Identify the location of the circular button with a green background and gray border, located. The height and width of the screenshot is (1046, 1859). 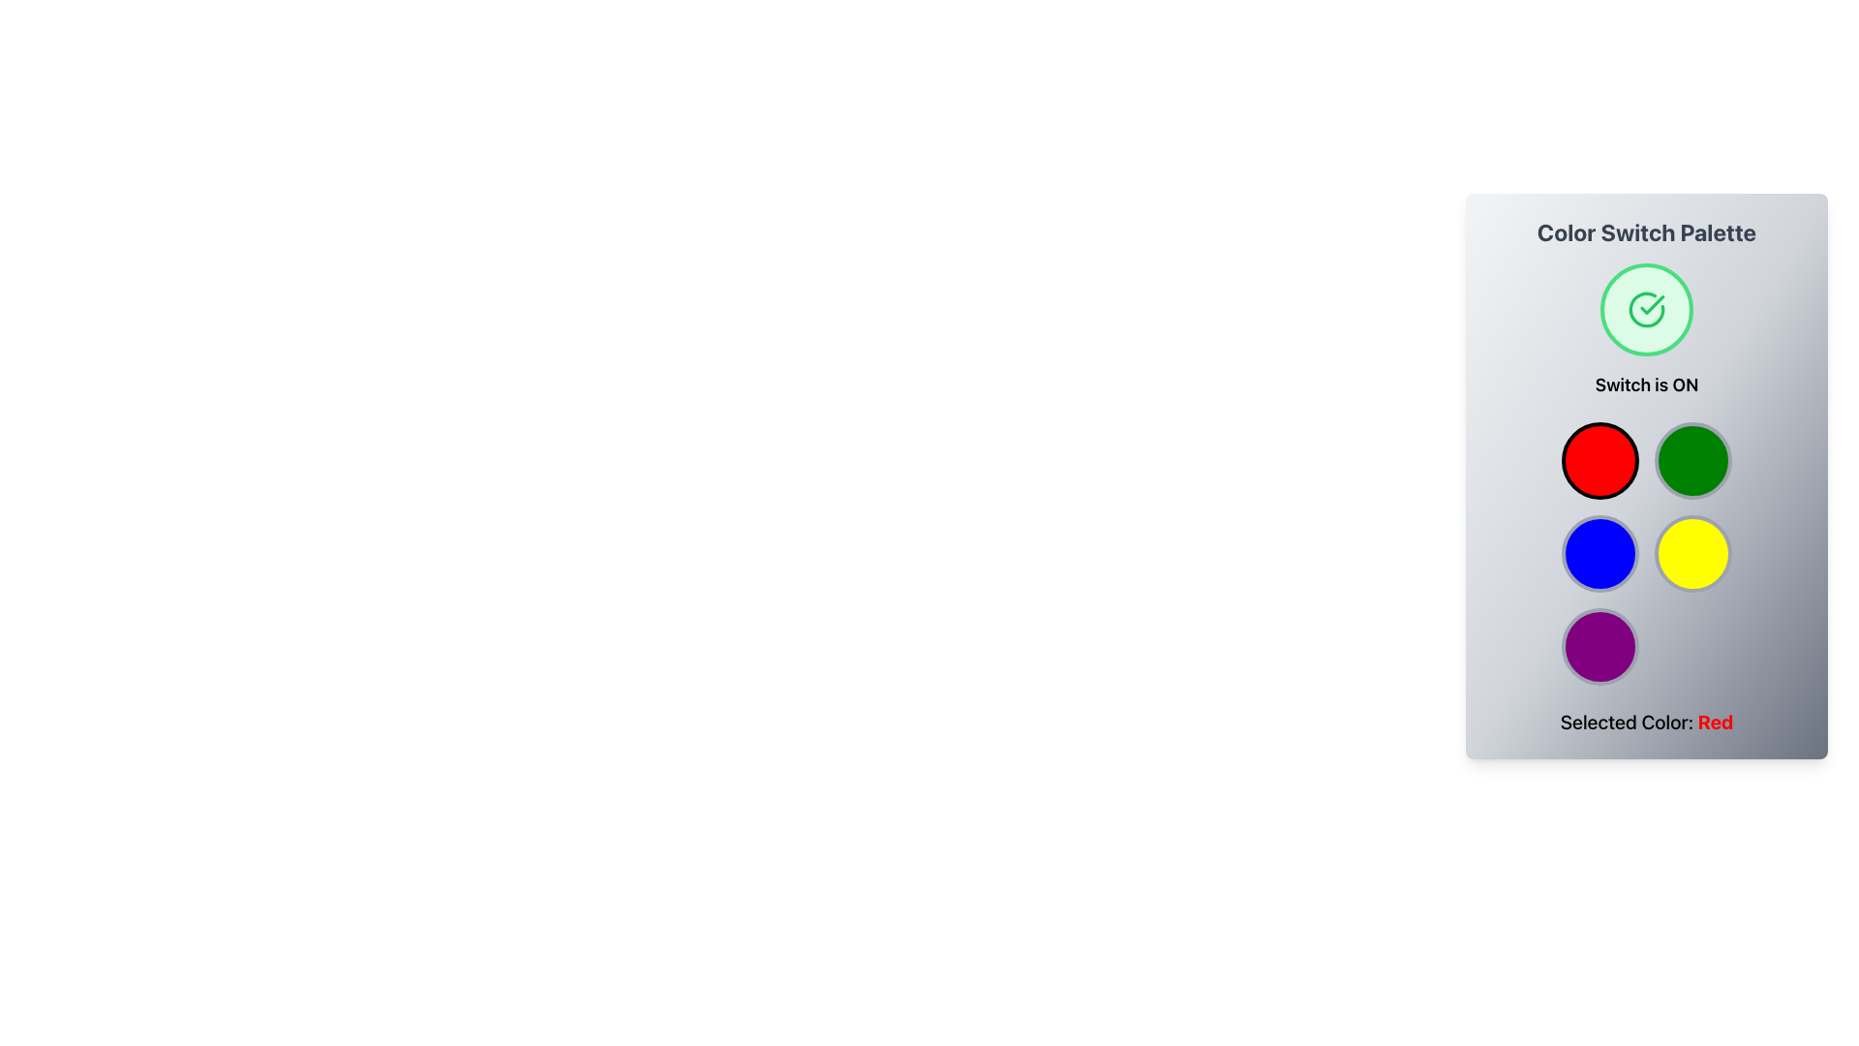
(1691, 460).